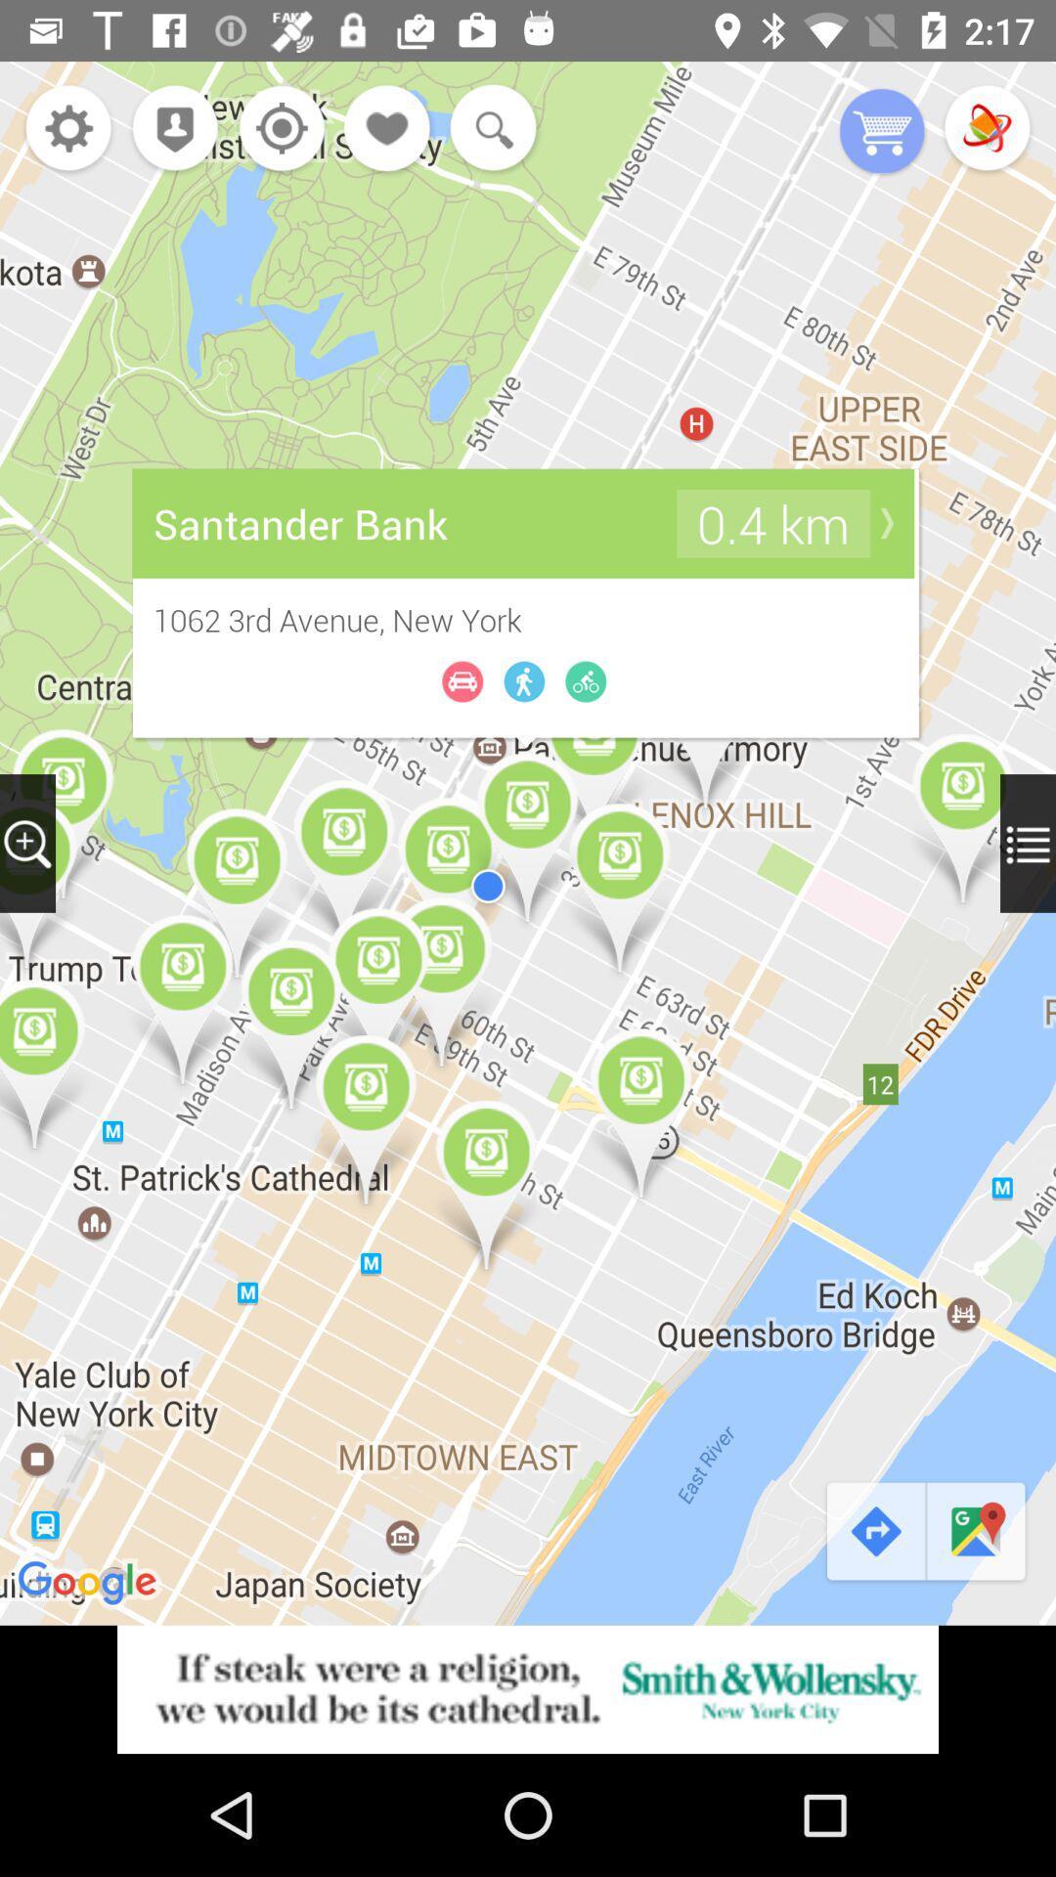  I want to click on click on search option, so click(488, 129).